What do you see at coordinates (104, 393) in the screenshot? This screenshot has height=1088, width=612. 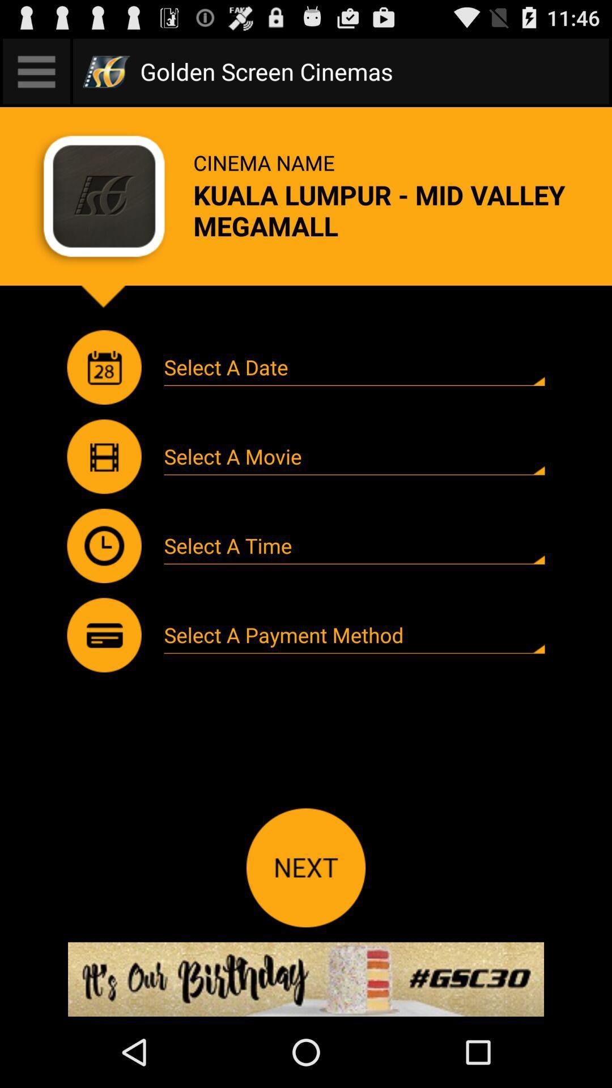 I see `the date_range icon` at bounding box center [104, 393].